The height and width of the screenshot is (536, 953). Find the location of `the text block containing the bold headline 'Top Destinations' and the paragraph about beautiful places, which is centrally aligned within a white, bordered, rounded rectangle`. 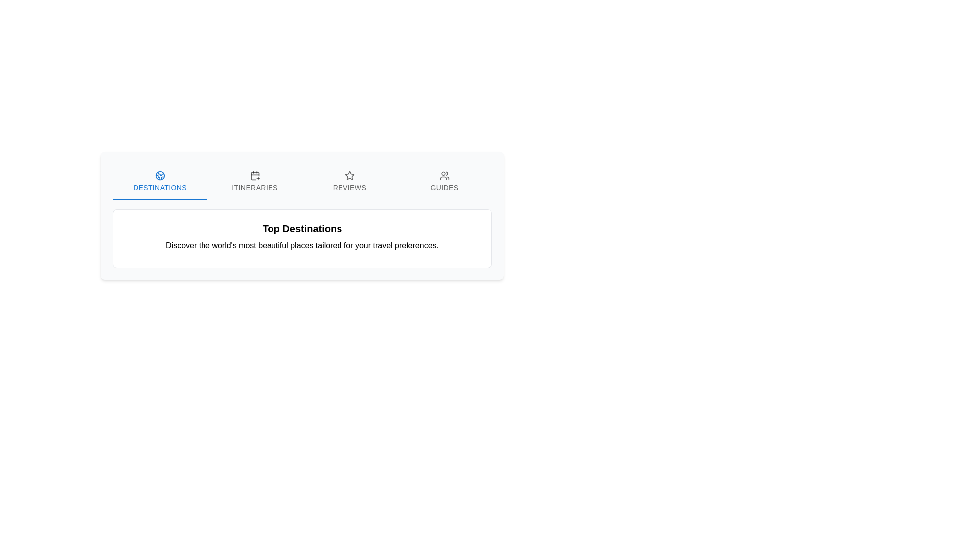

the text block containing the bold headline 'Top Destinations' and the paragraph about beautiful places, which is centrally aligned within a white, bordered, rounded rectangle is located at coordinates (302, 237).